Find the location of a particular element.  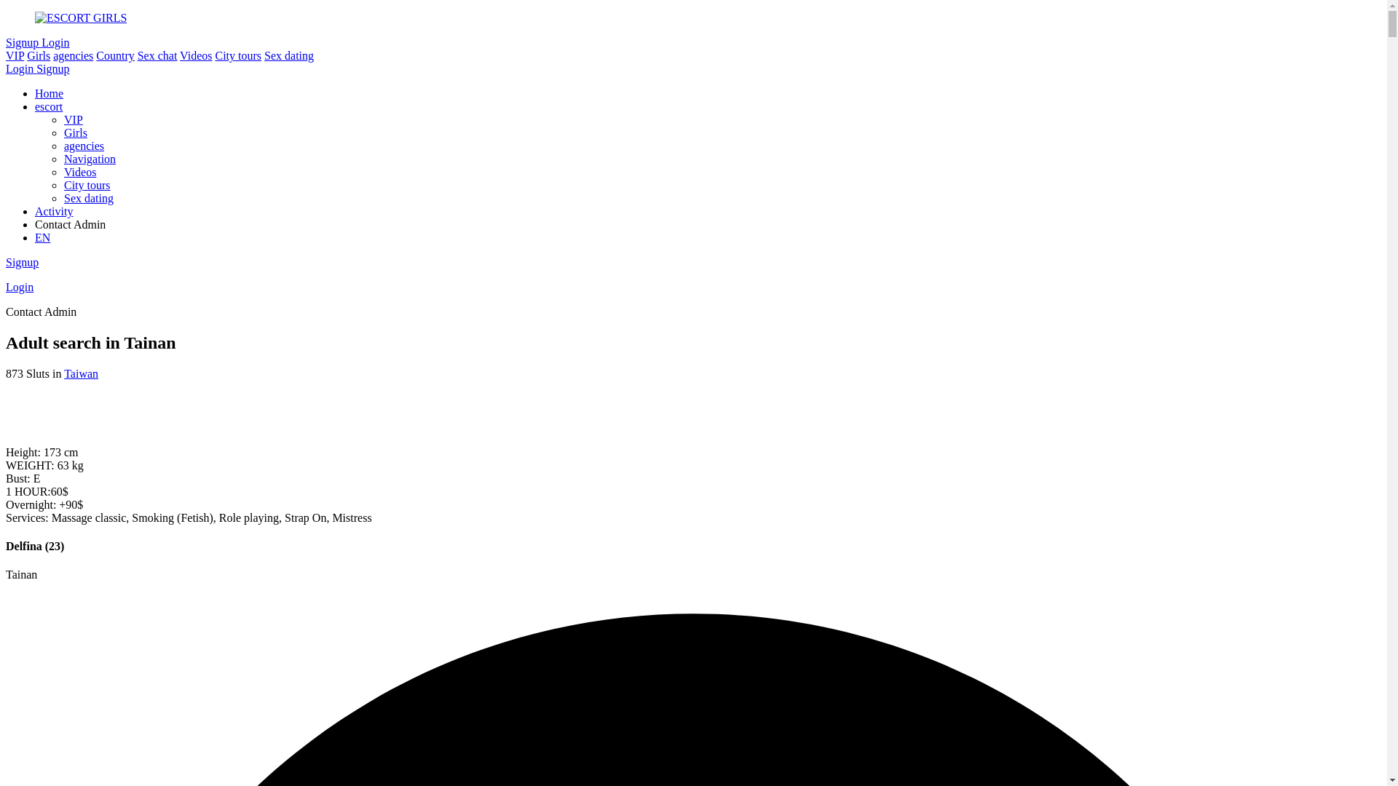

'VIP' is located at coordinates (72, 119).